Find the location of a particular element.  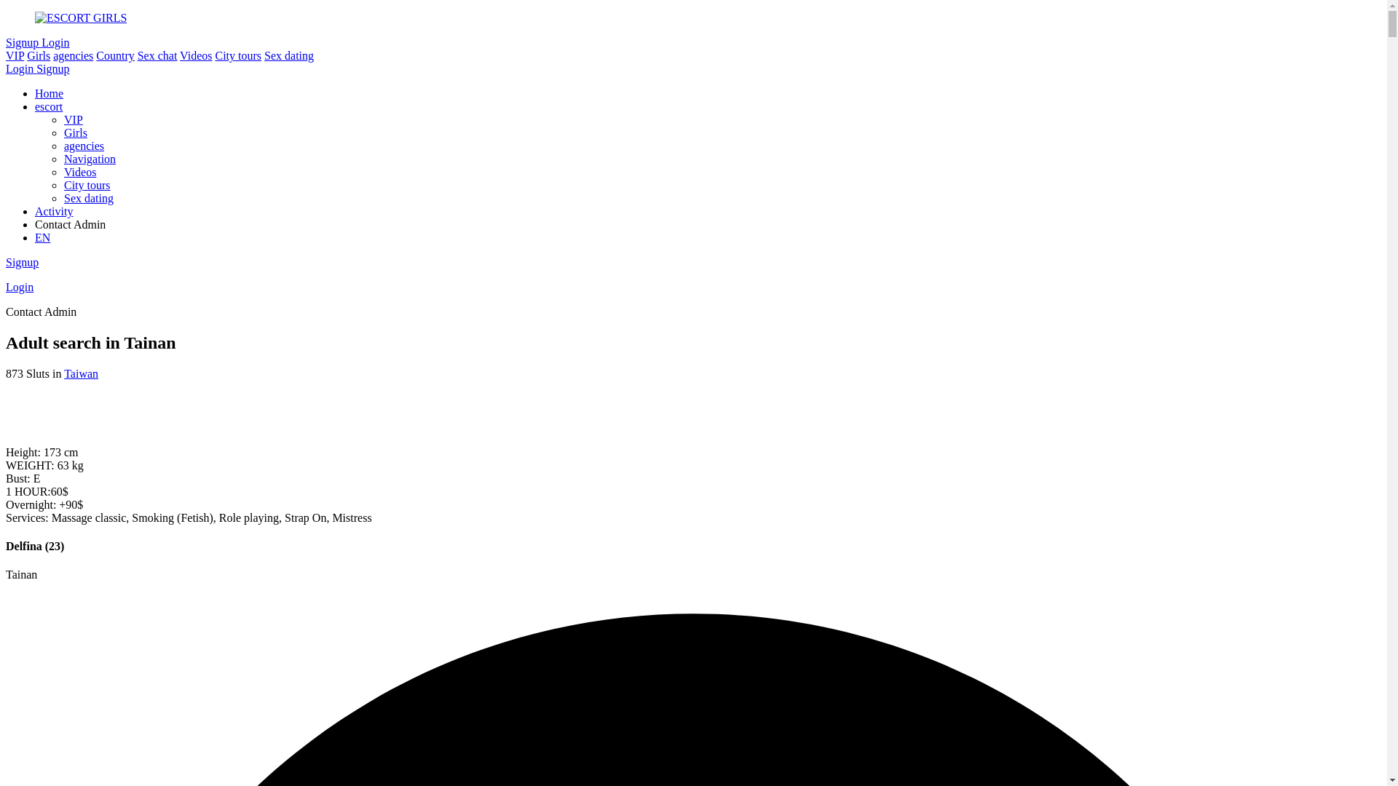

'VIP' is located at coordinates (72, 119).